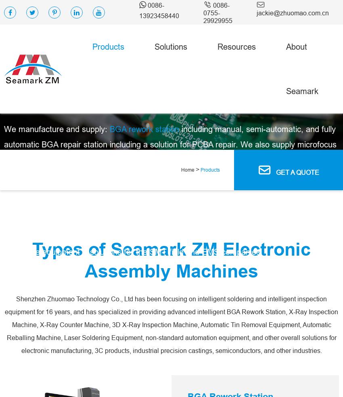 The image size is (343, 397). Describe the element at coordinates (159, 10) in the screenshot. I see `'0086-13923458440'` at that location.